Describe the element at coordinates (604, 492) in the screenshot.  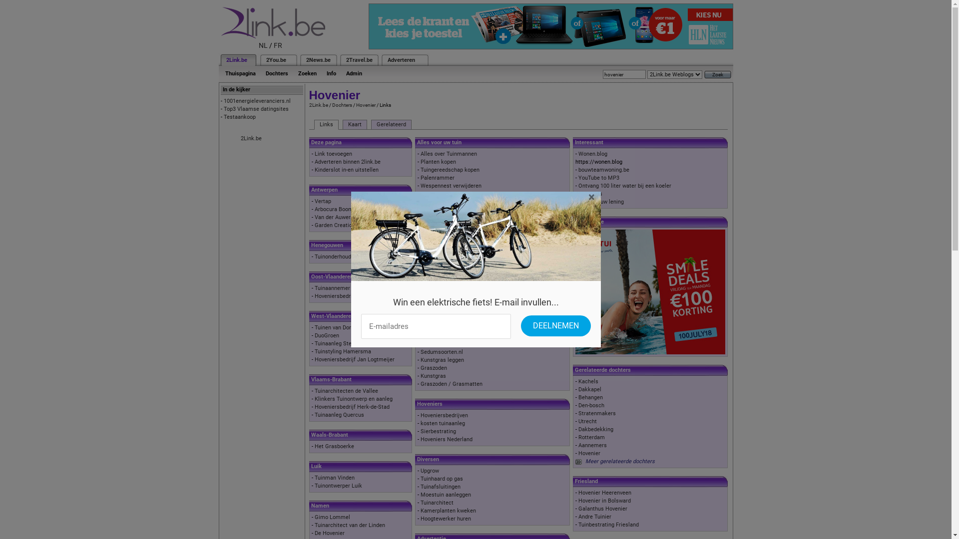
I see `'Hovenier Heerenveen'` at that location.